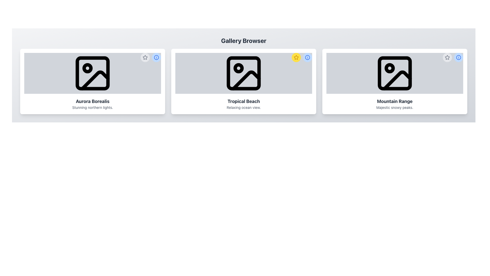 This screenshot has height=276, width=490. I want to click on the circular button with a yellow background and a star-shaped icon located in the top-right corner of the 'Tropical Beach' card, so click(296, 57).